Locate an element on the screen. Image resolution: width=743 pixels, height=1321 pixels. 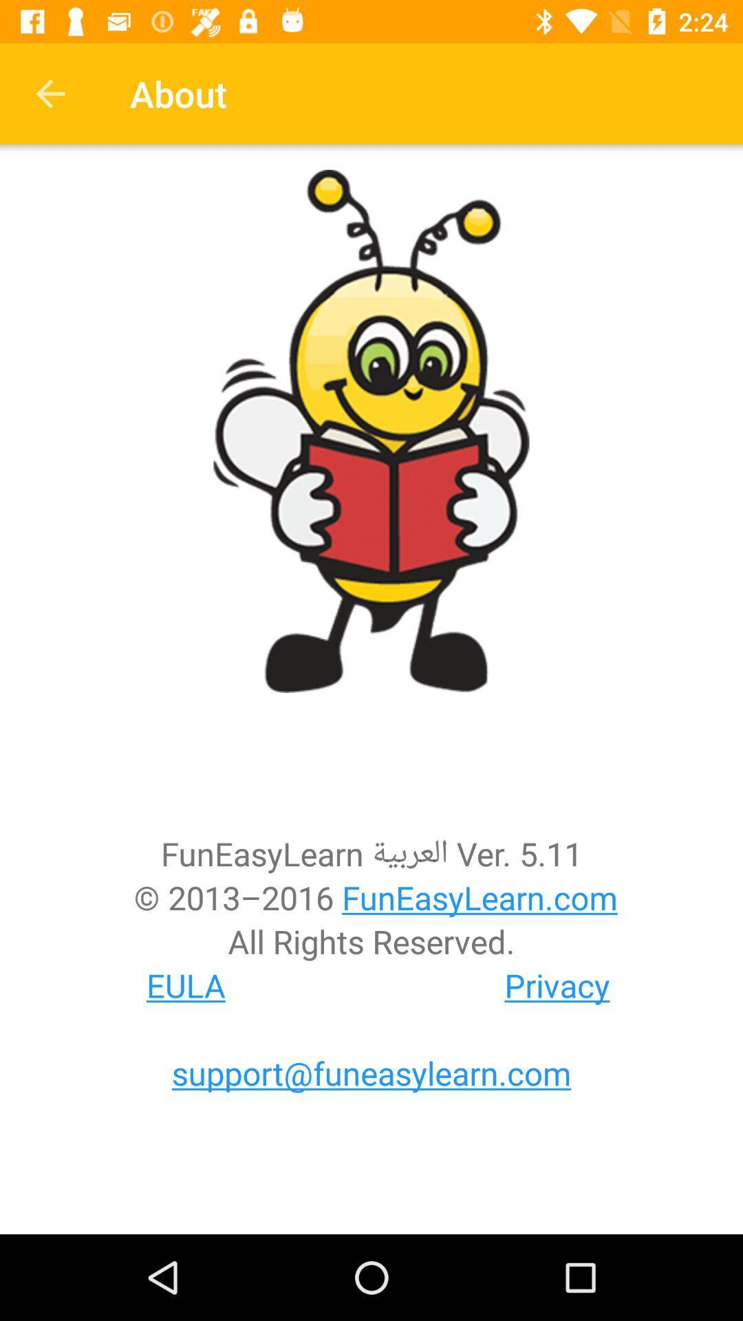
the privacy at the bottom right corner is located at coordinates (557, 985).